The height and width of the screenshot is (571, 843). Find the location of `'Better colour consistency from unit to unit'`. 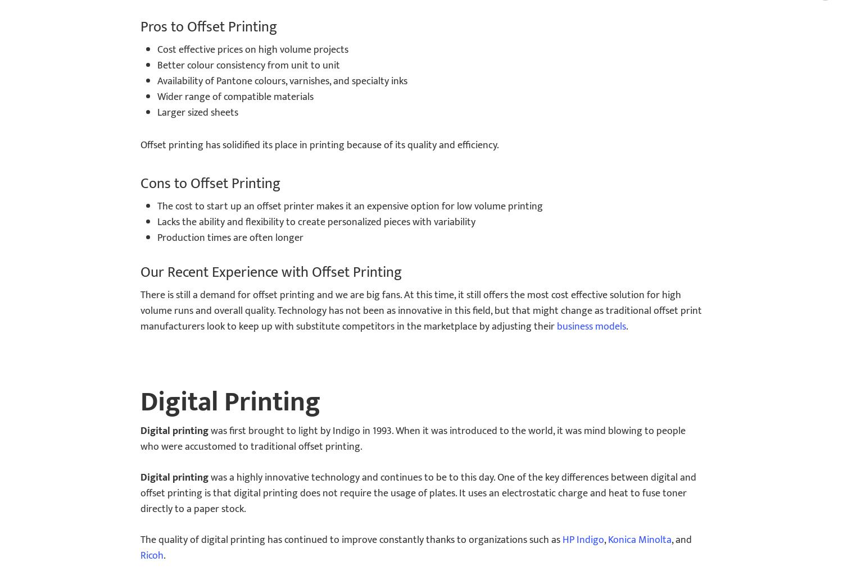

'Better colour consistency from unit to unit' is located at coordinates (157, 65).